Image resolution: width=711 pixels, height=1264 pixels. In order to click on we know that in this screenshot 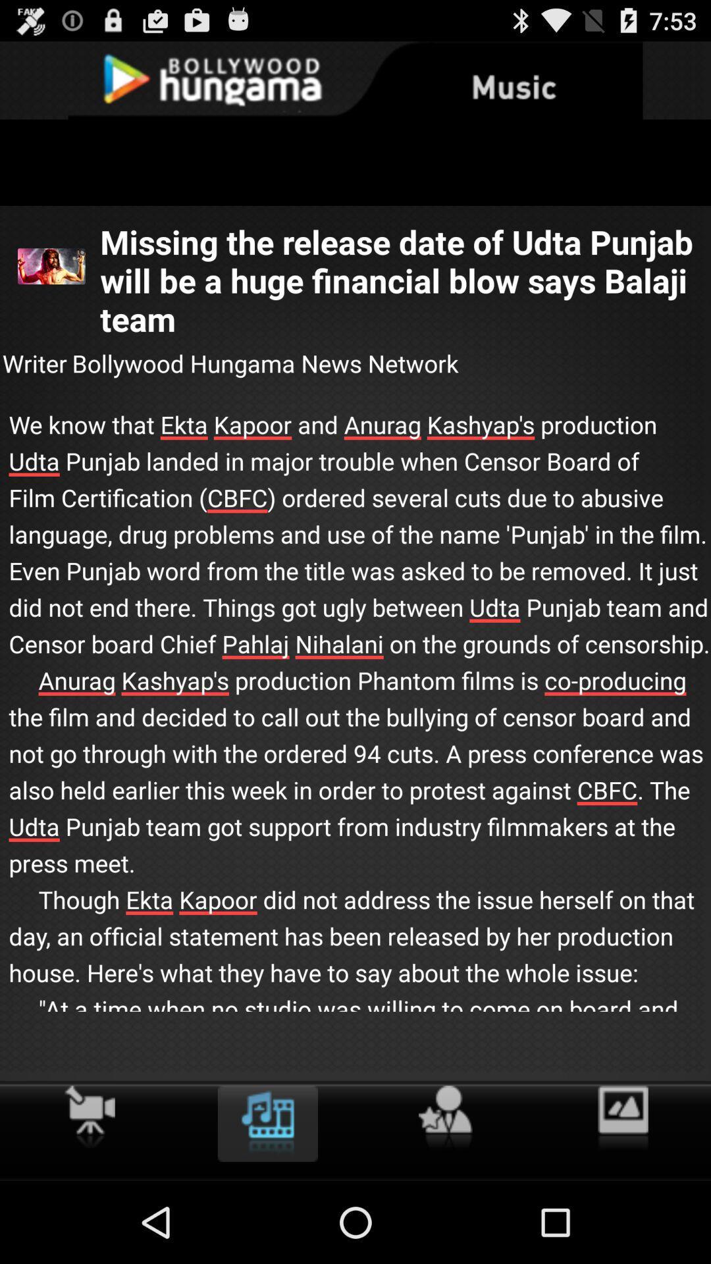, I will do `click(355, 731)`.